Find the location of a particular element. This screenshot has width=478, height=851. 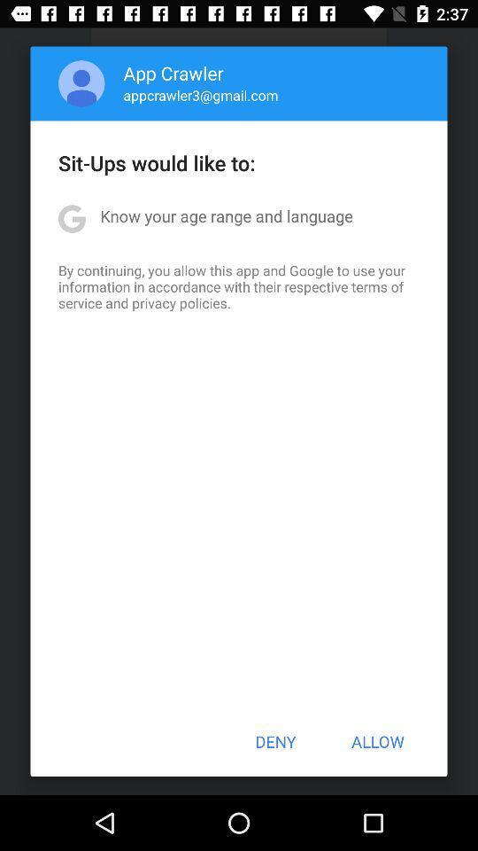

the item below by continuing you item is located at coordinates (275, 741).